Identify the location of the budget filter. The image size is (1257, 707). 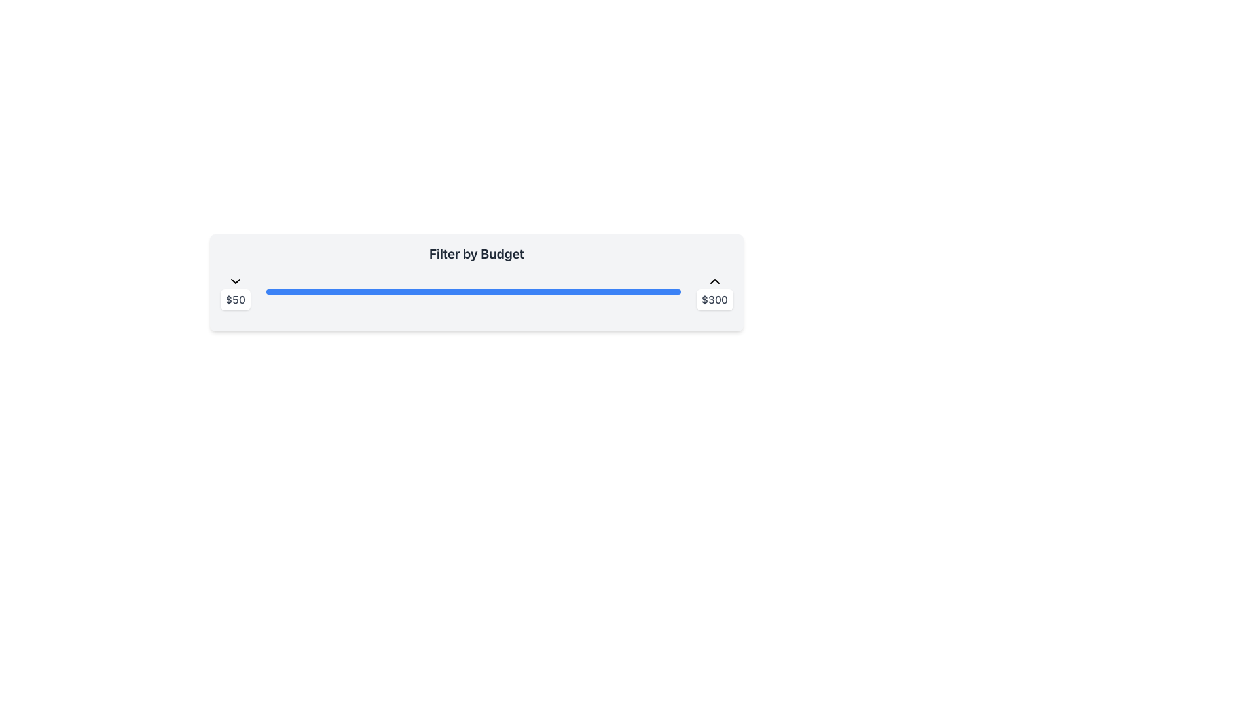
(462, 291).